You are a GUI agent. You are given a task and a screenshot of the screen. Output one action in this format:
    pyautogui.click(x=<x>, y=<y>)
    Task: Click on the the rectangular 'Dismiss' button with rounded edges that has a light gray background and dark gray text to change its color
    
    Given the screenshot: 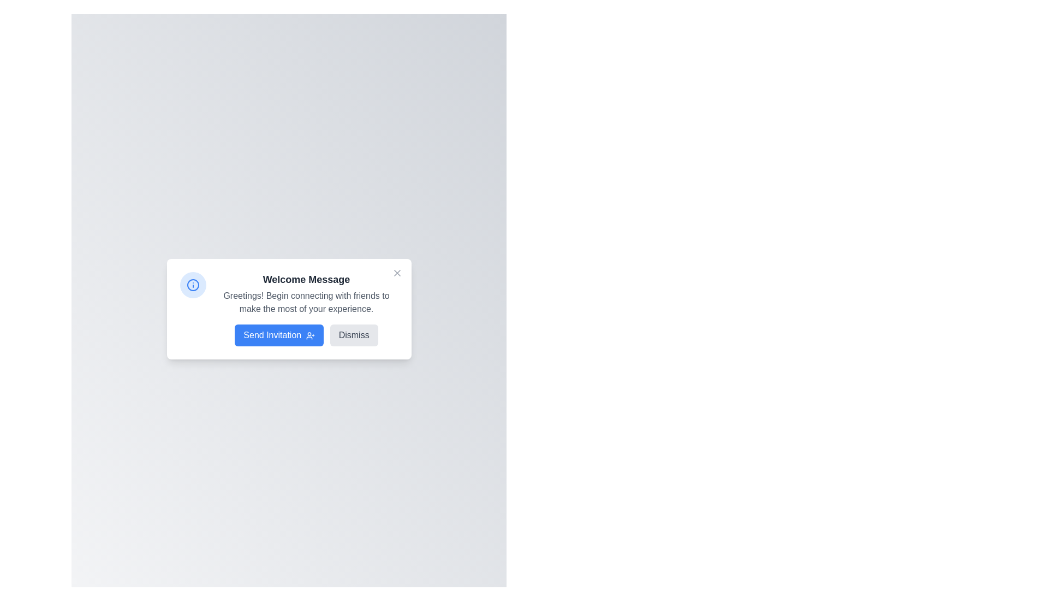 What is the action you would take?
    pyautogui.click(x=354, y=334)
    